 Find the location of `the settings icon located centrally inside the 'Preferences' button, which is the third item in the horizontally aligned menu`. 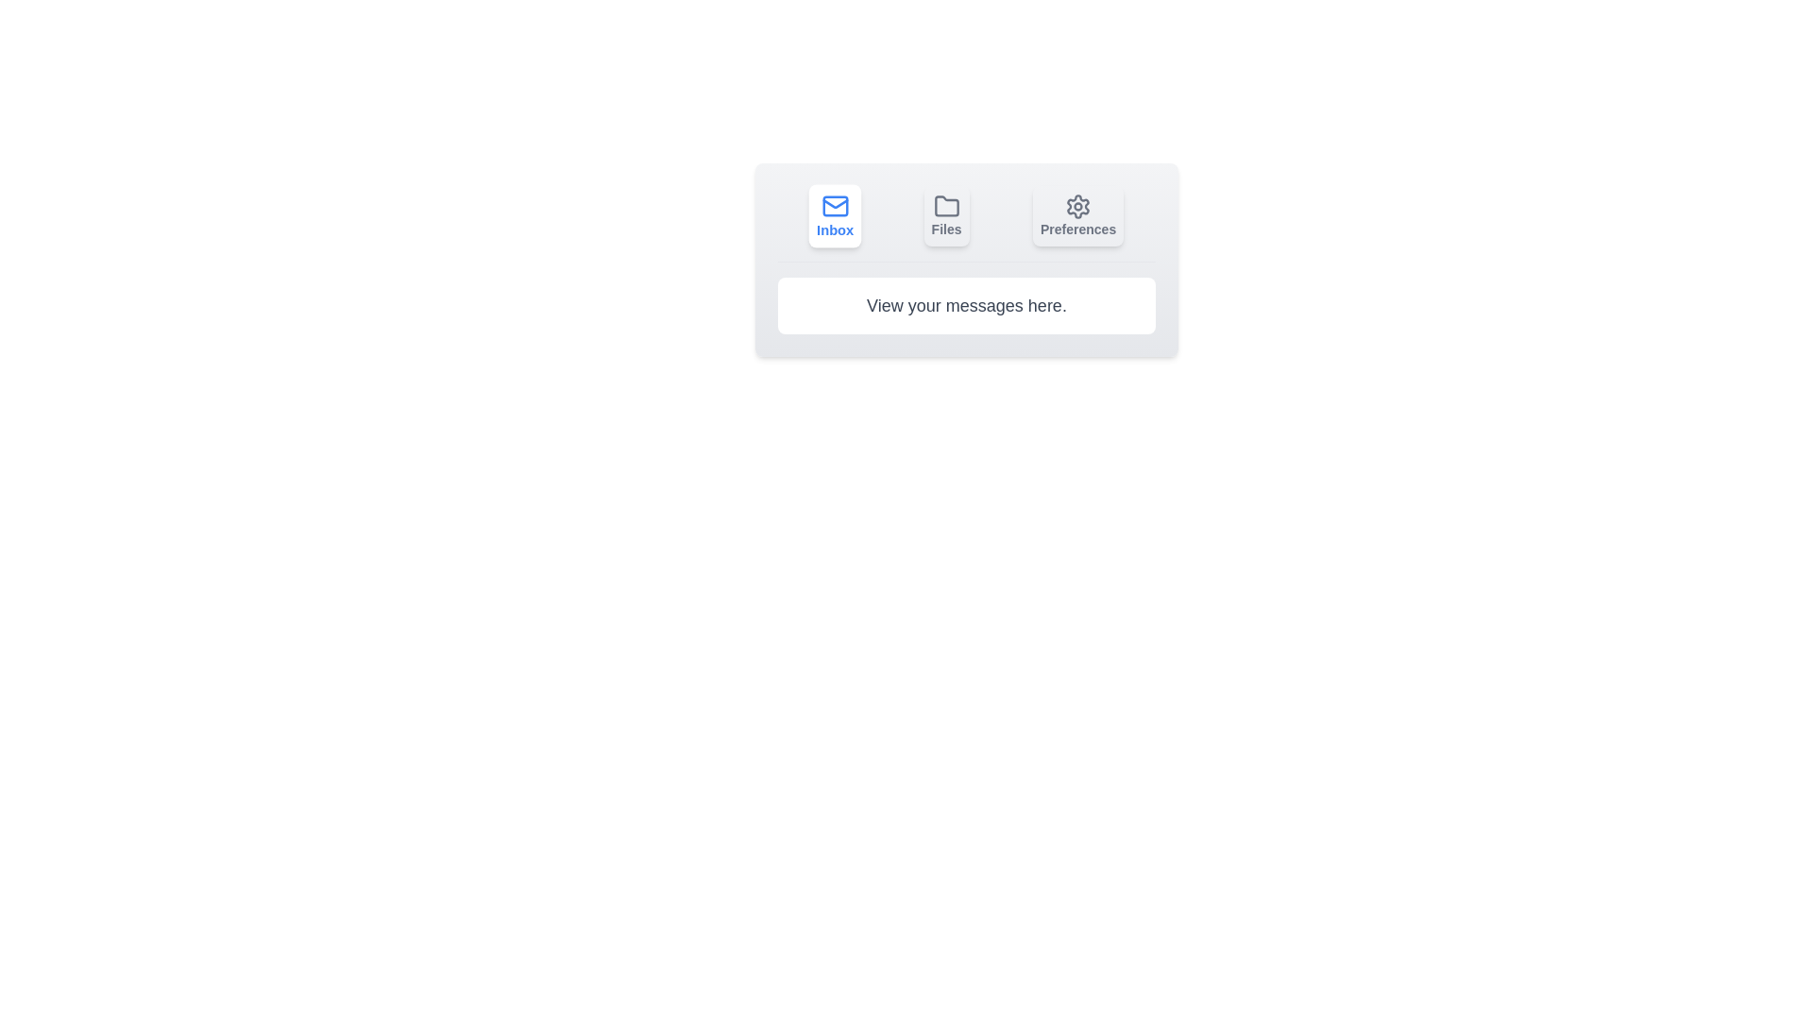

the settings icon located centrally inside the 'Preferences' button, which is the third item in the horizontally aligned menu is located at coordinates (1078, 207).